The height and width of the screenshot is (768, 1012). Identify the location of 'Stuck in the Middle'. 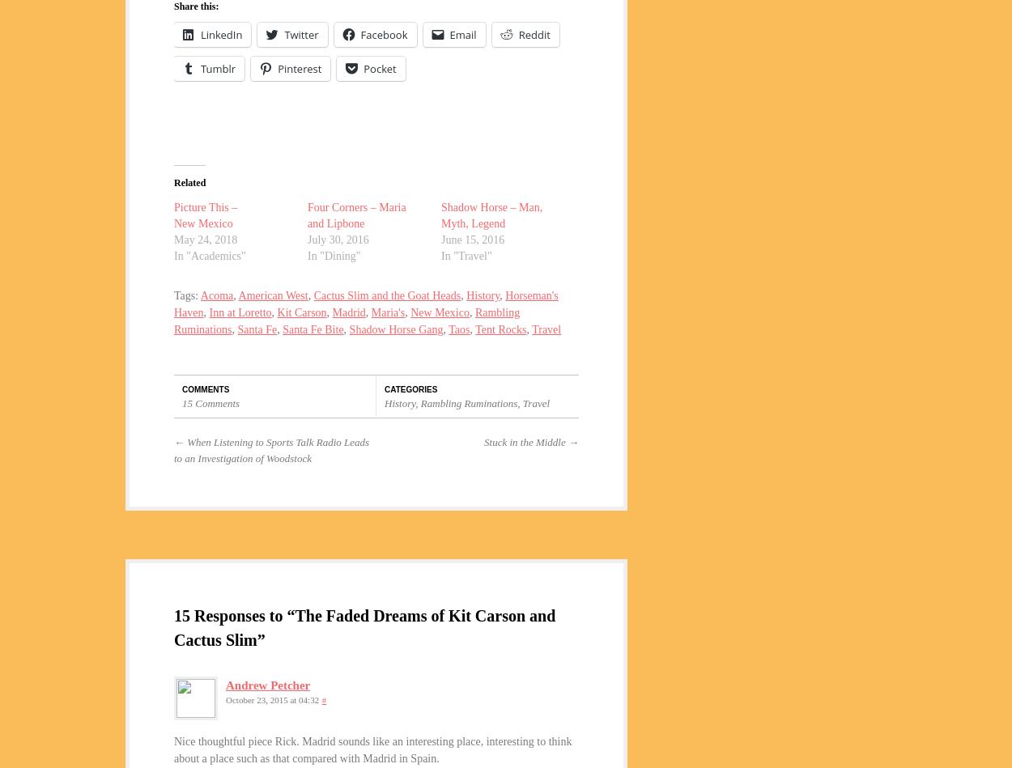
(526, 441).